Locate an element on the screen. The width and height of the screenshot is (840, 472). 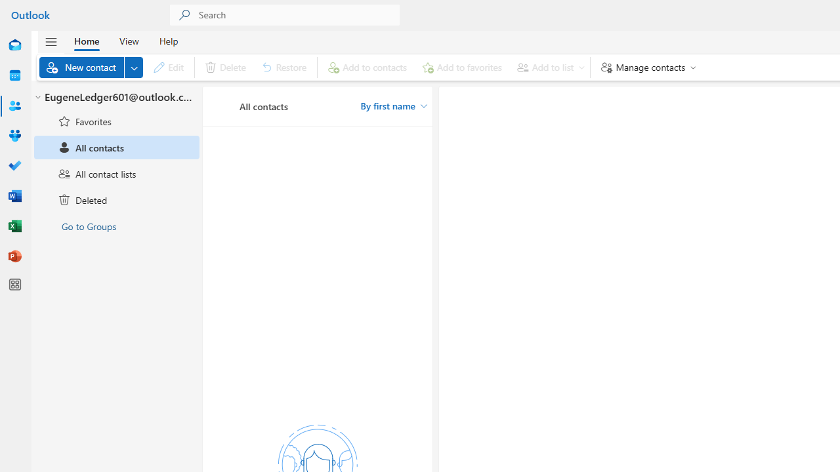
'Go to Groups' is located at coordinates (117, 225).